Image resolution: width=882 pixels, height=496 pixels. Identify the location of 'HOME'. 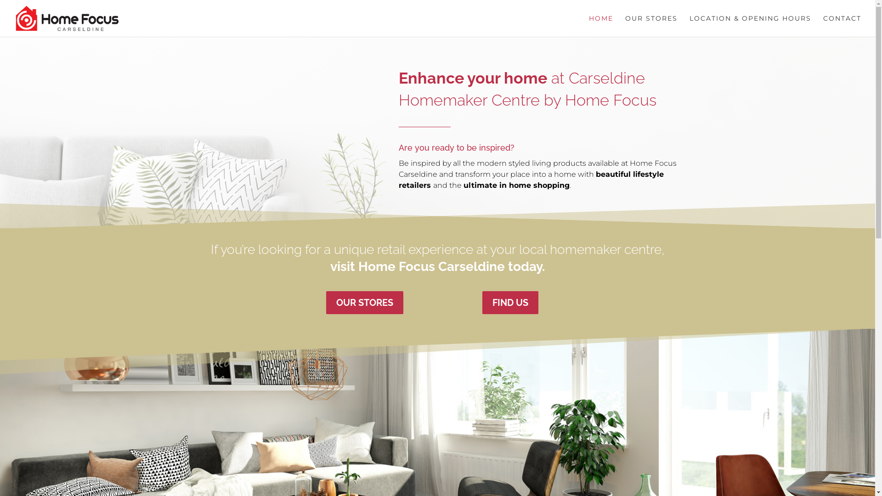
(601, 25).